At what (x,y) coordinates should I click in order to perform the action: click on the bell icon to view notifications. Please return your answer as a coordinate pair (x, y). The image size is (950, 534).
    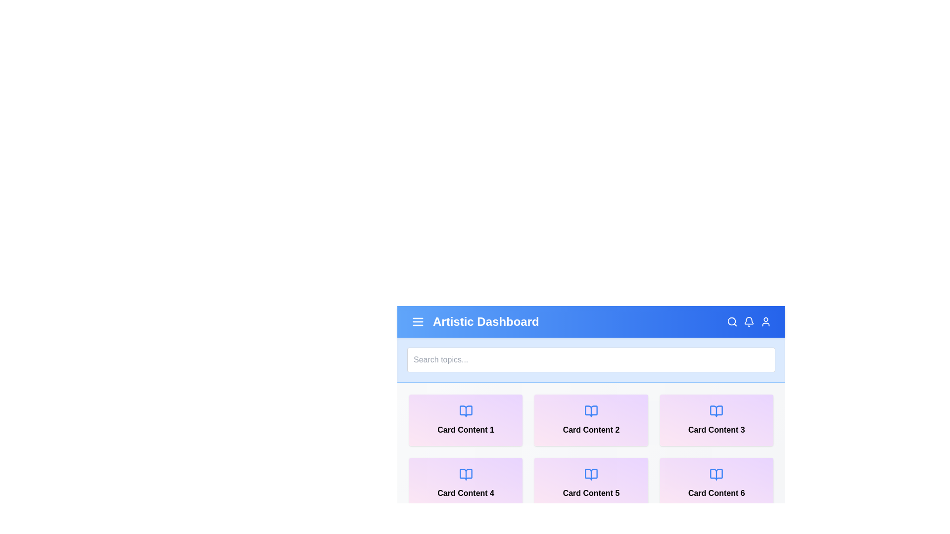
    Looking at the image, I should click on (749, 322).